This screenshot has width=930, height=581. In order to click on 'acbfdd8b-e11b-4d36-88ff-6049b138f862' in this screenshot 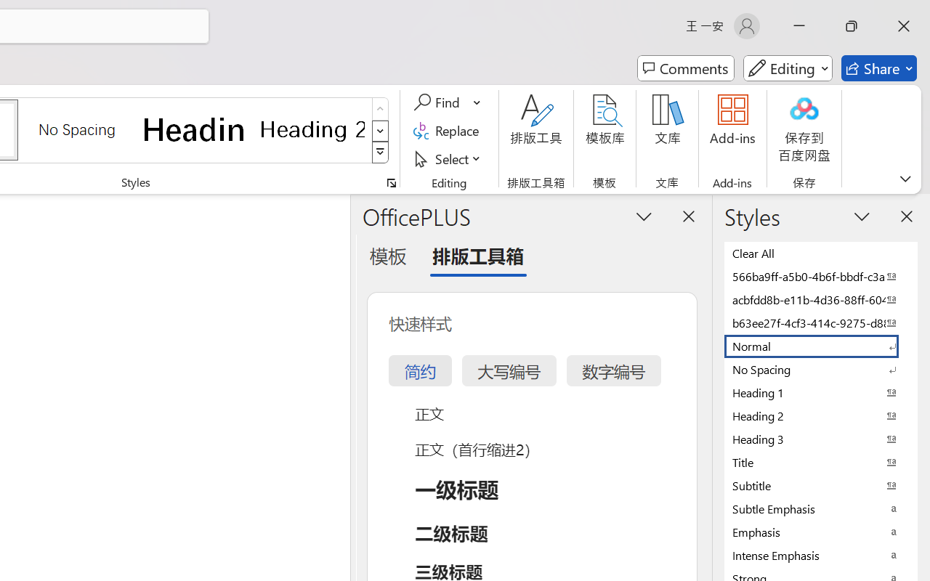, I will do `click(821, 299)`.